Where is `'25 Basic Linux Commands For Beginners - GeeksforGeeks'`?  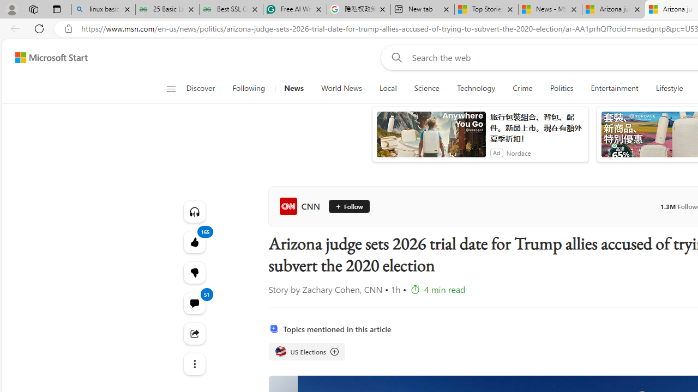
'25 Basic Linux Commands For Beginners - GeeksforGeeks' is located at coordinates (167, 9).